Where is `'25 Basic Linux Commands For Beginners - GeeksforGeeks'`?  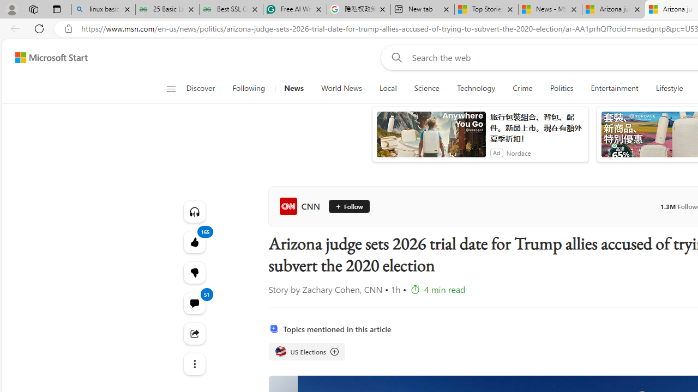
'25 Basic Linux Commands For Beginners - GeeksforGeeks' is located at coordinates (167, 9).